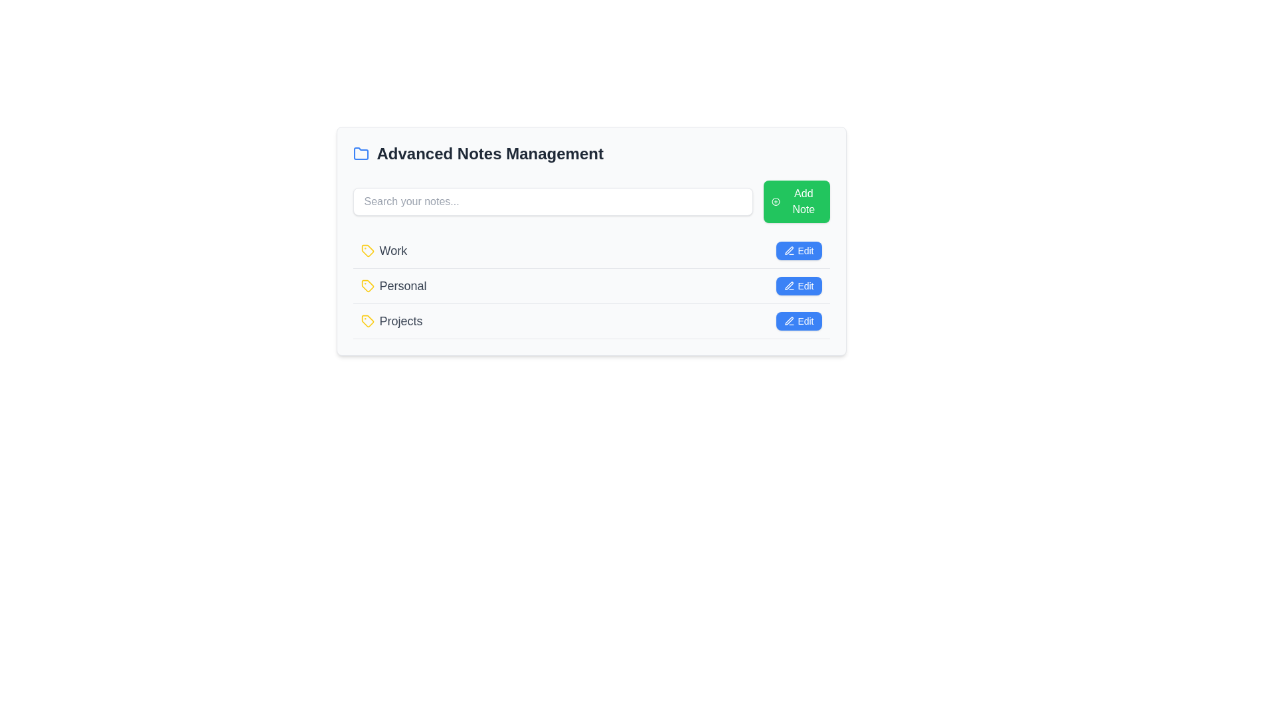 Image resolution: width=1275 pixels, height=717 pixels. Describe the element at coordinates (776, 202) in the screenshot. I see `the SVG Circle element that forms the circular base of the '+' icon located in the top-right of the main content area, adjacent to the 'Add Note' button` at that location.